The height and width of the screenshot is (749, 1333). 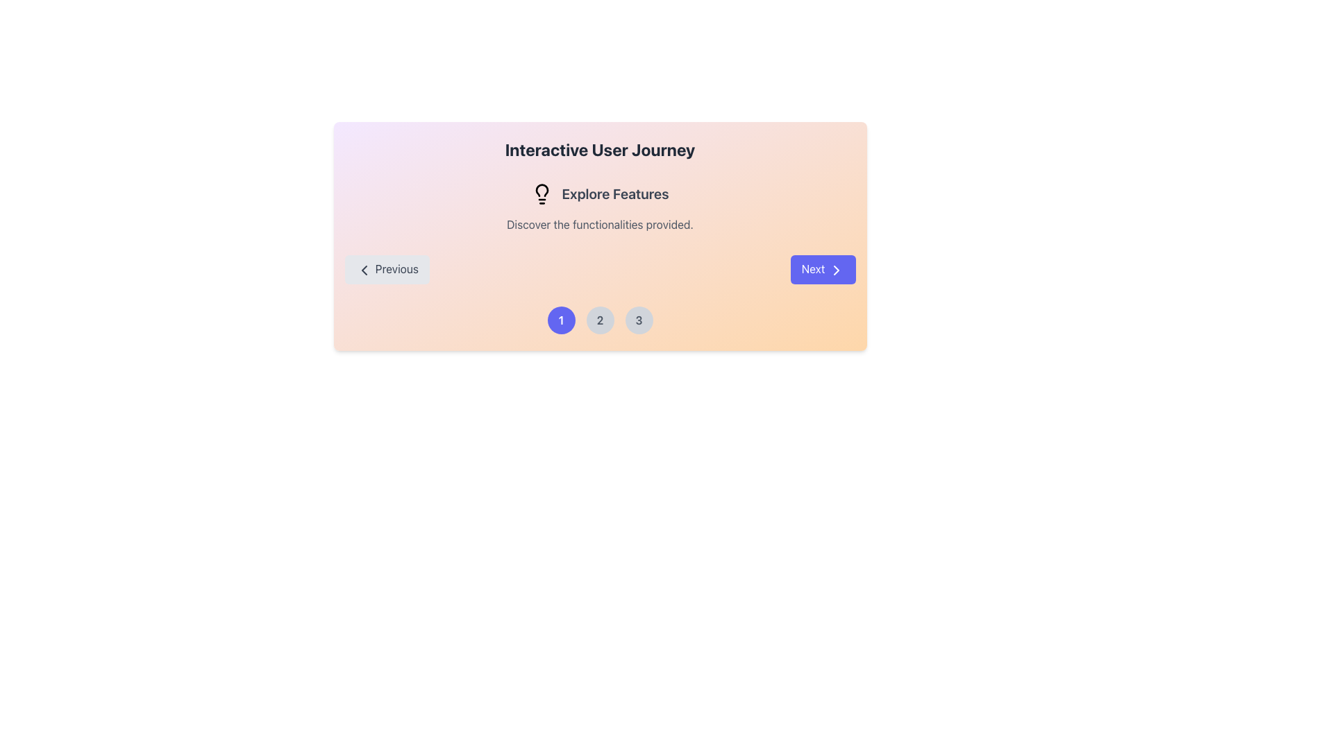 What do you see at coordinates (364, 270) in the screenshot?
I see `the chevron arrow icon within the 'Previous' button, located left of the 'Previous' text, under the title 'Interactive User Journey'` at bounding box center [364, 270].